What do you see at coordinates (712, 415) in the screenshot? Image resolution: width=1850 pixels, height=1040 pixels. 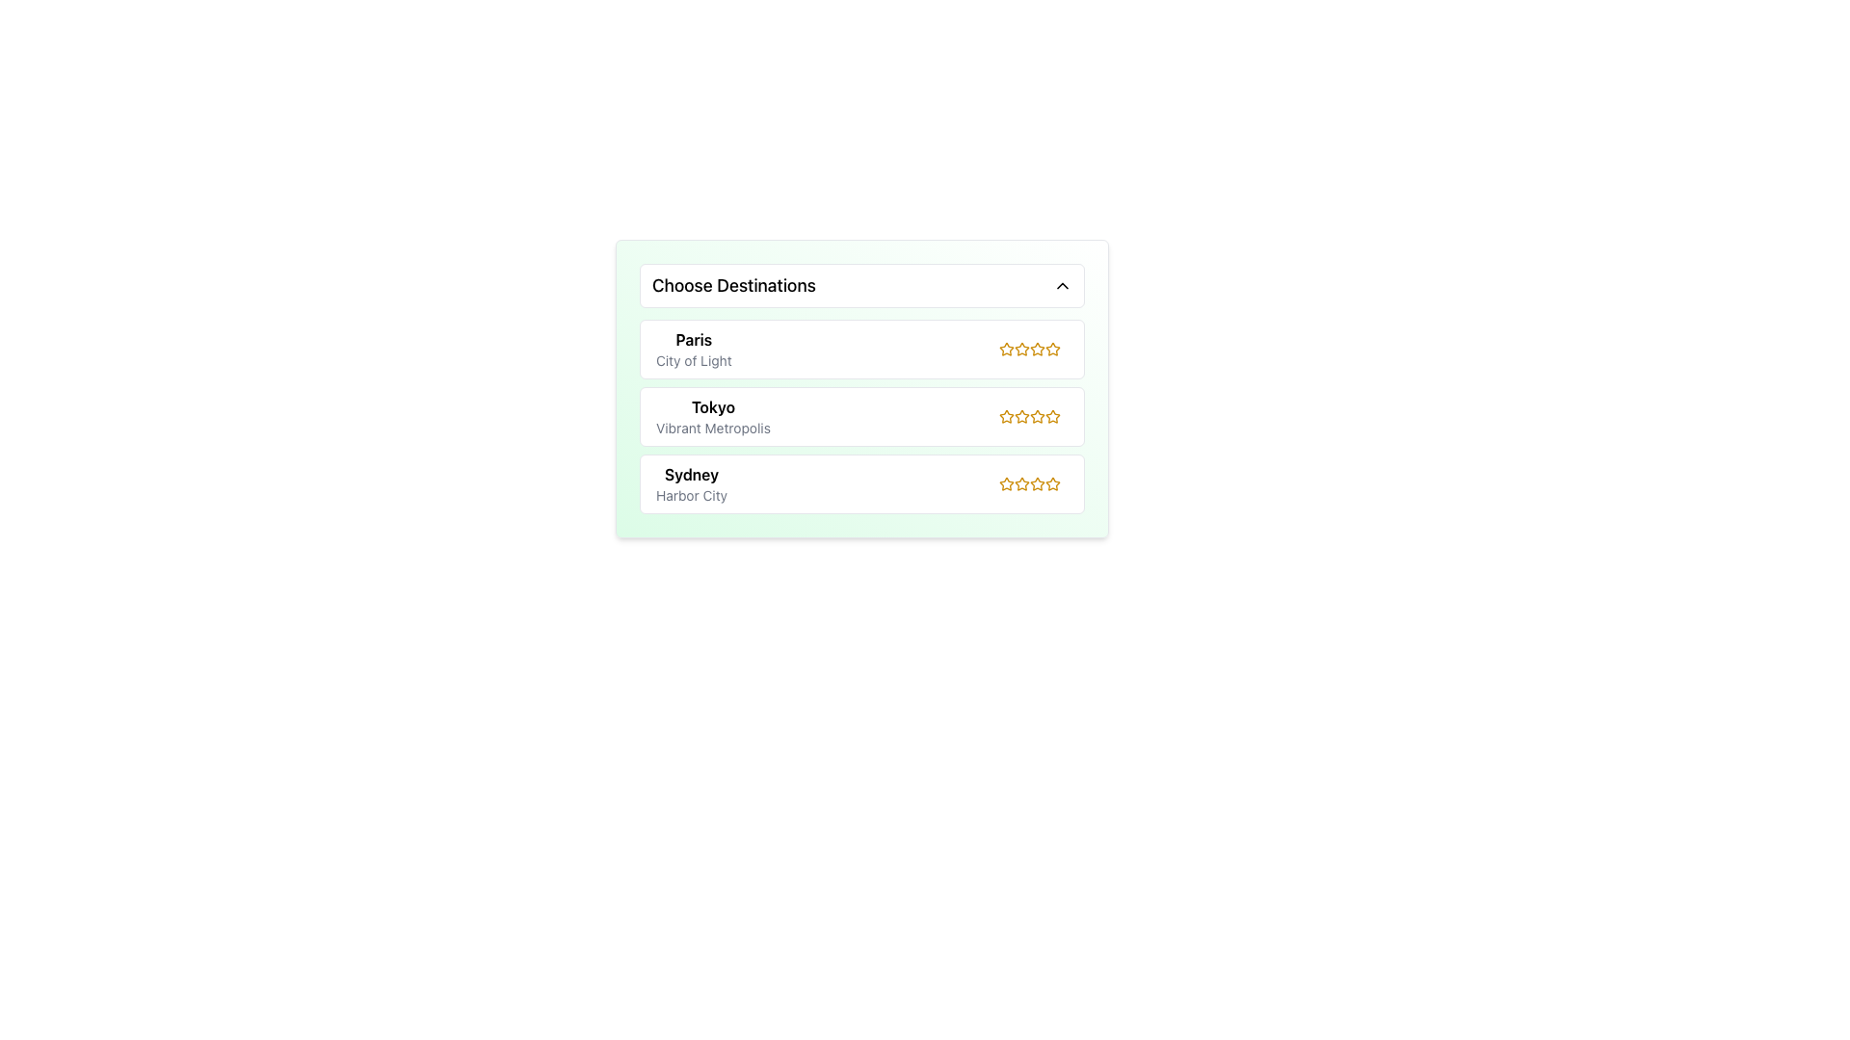 I see `text content located in the second entry of the 'Choose Destinations' list, which displays 'Tokyo' and 'Vibrant Metropolis'` at bounding box center [712, 415].